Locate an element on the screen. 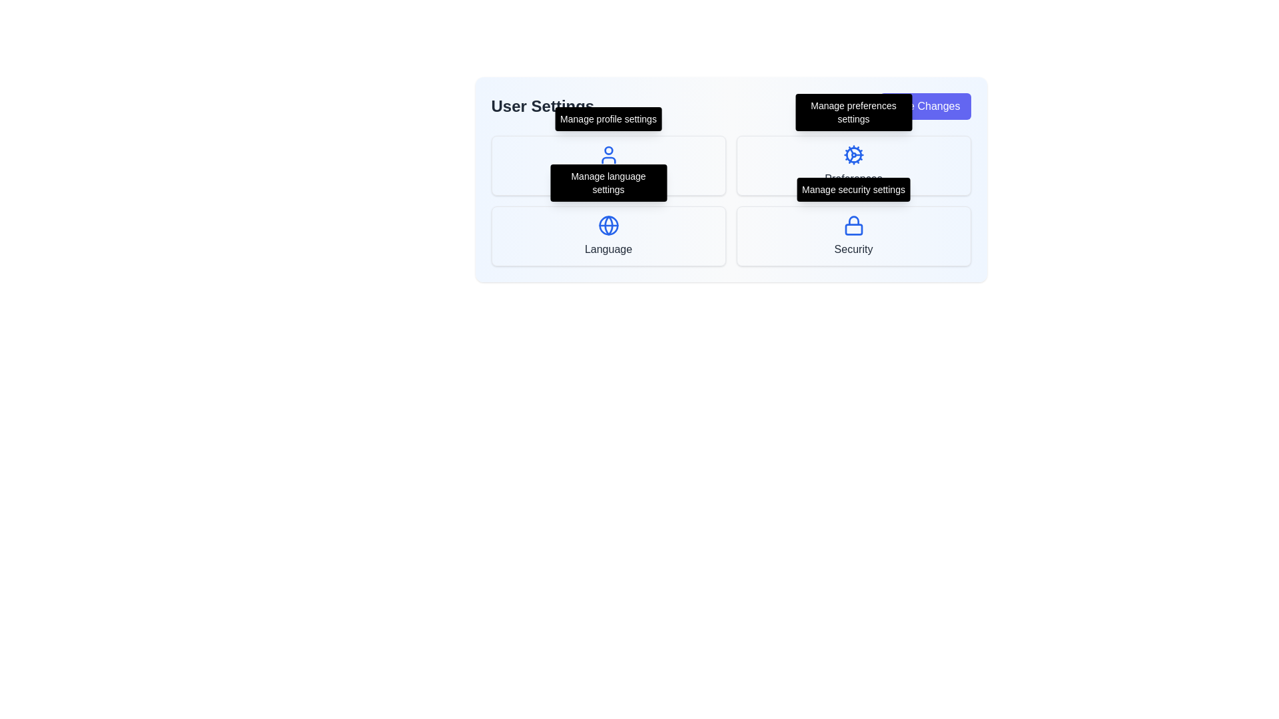 The height and width of the screenshot is (719, 1279). the Text Label that describes the security settings option, located in the bottom-right corner of the grid layout, which visually aids users in identifying the associated functionality is located at coordinates (853, 249).